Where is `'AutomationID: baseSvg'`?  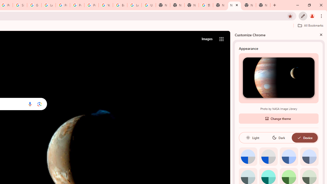
'AutomationID: baseSvg' is located at coordinates (299, 137).